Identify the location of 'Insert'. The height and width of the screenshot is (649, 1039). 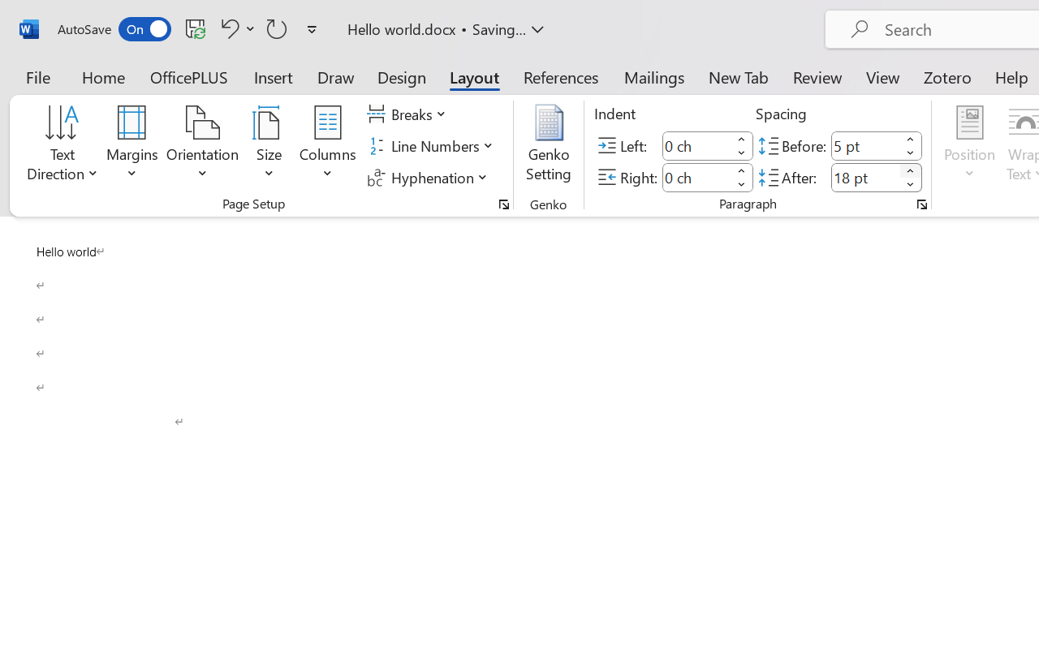
(274, 76).